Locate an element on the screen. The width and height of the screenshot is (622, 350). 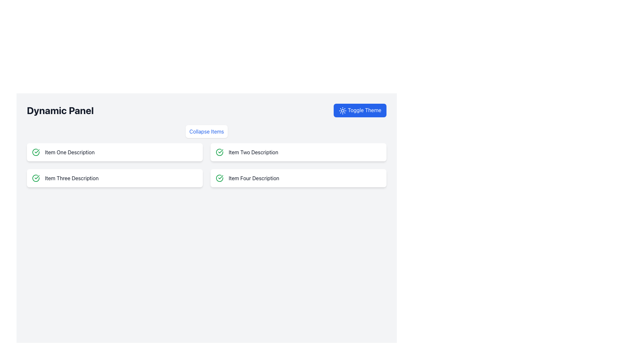
the approval icon located in the upper-left corner of the 'Item One Description' card is located at coordinates (35, 152).